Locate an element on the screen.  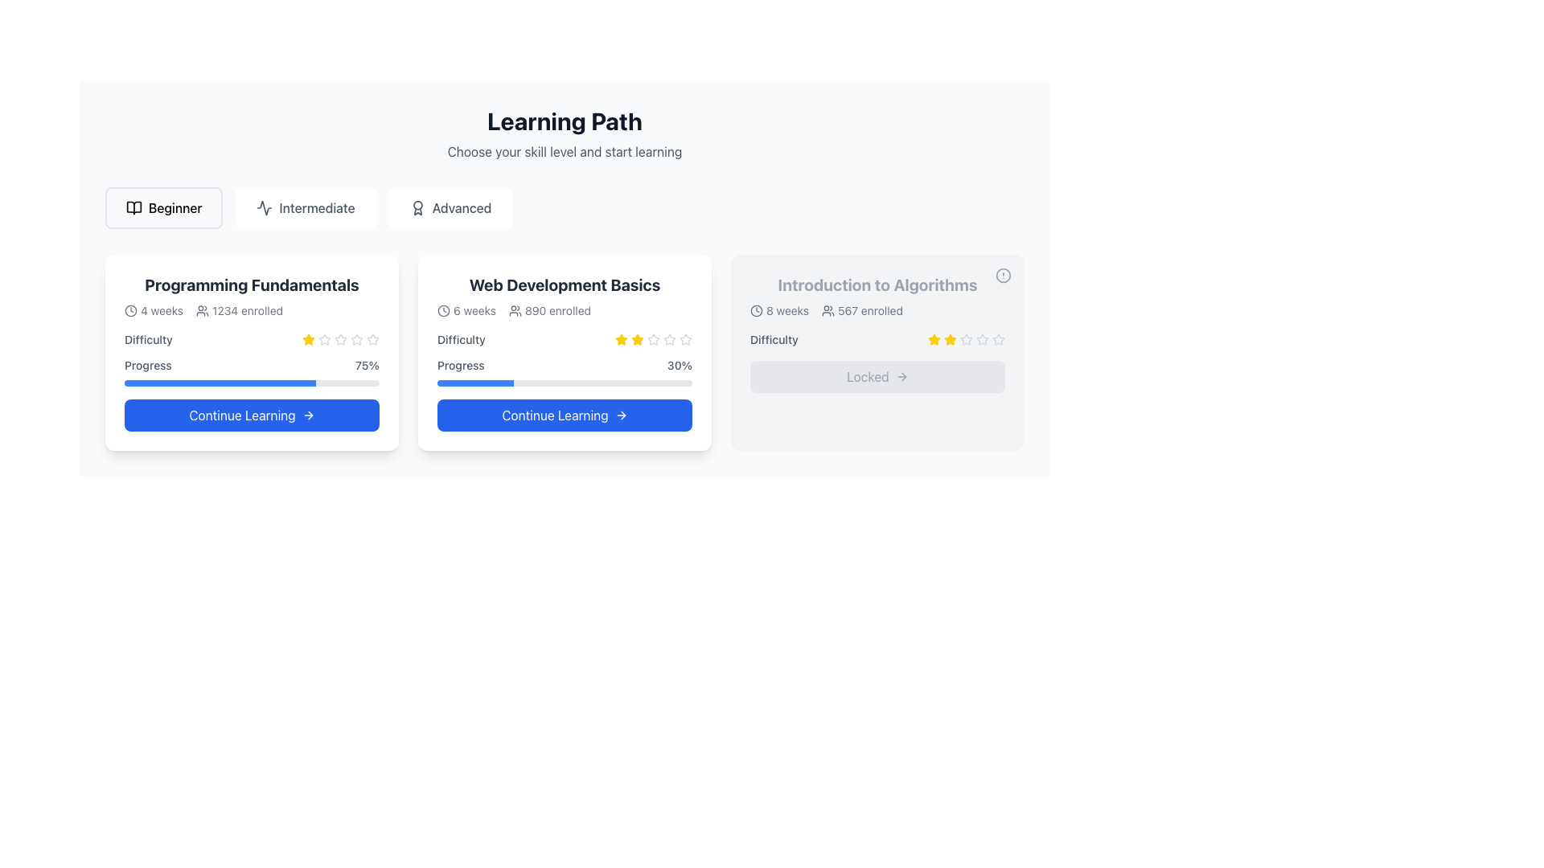
the star ratings in the 'Programming Fundamentals' card to check difficulty levels is located at coordinates (251, 352).